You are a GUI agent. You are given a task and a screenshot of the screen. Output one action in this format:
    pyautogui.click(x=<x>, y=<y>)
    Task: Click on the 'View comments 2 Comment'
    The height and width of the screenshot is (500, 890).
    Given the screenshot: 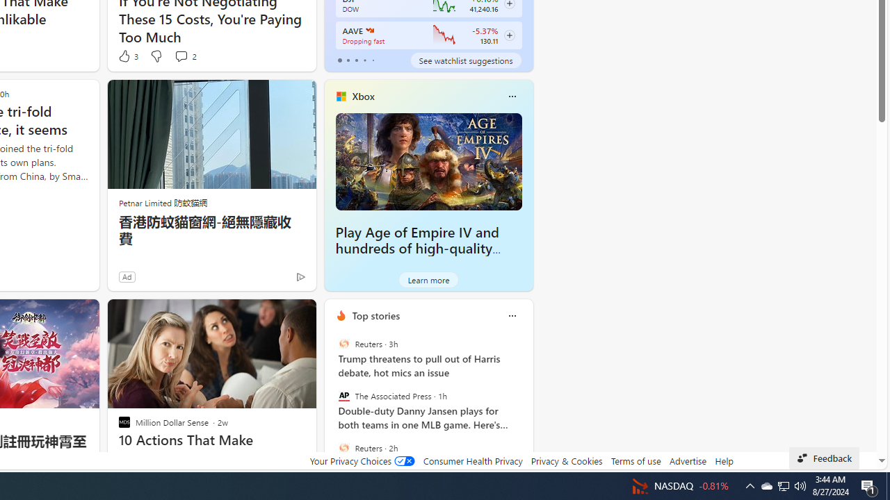 What is the action you would take?
    pyautogui.click(x=184, y=56)
    